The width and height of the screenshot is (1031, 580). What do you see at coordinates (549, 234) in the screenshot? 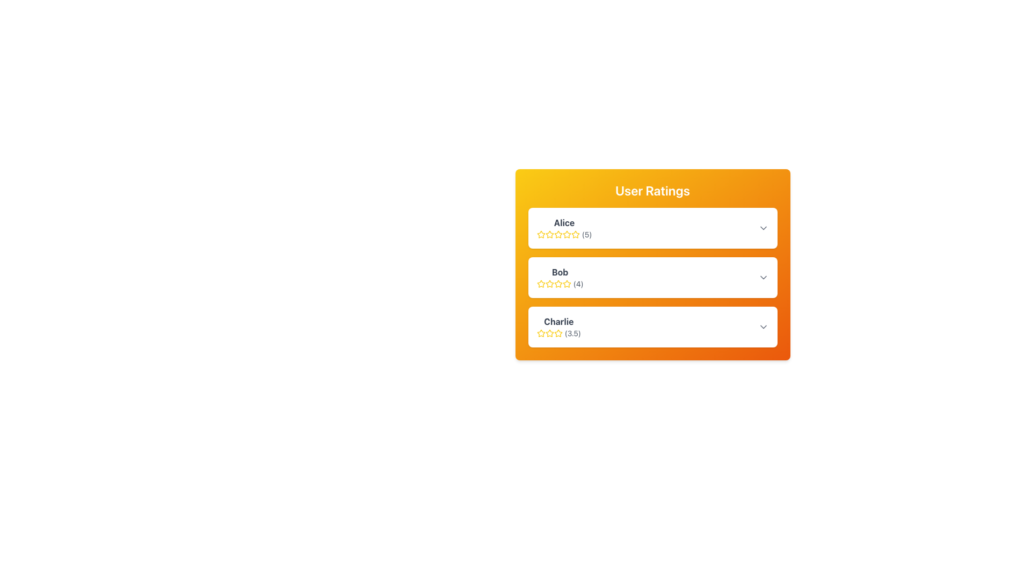
I see `the appearance of the third star icon in the User Ratings component for user Alice, which visually represents a rating value` at bounding box center [549, 234].